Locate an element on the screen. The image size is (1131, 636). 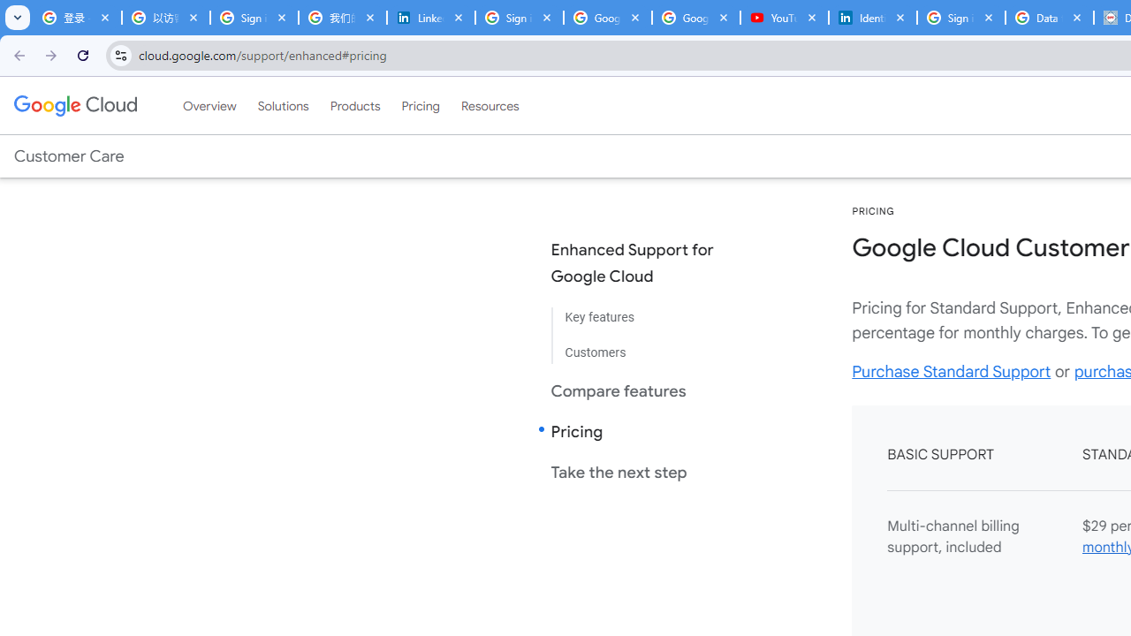
'Customers' is located at coordinates (646, 346).